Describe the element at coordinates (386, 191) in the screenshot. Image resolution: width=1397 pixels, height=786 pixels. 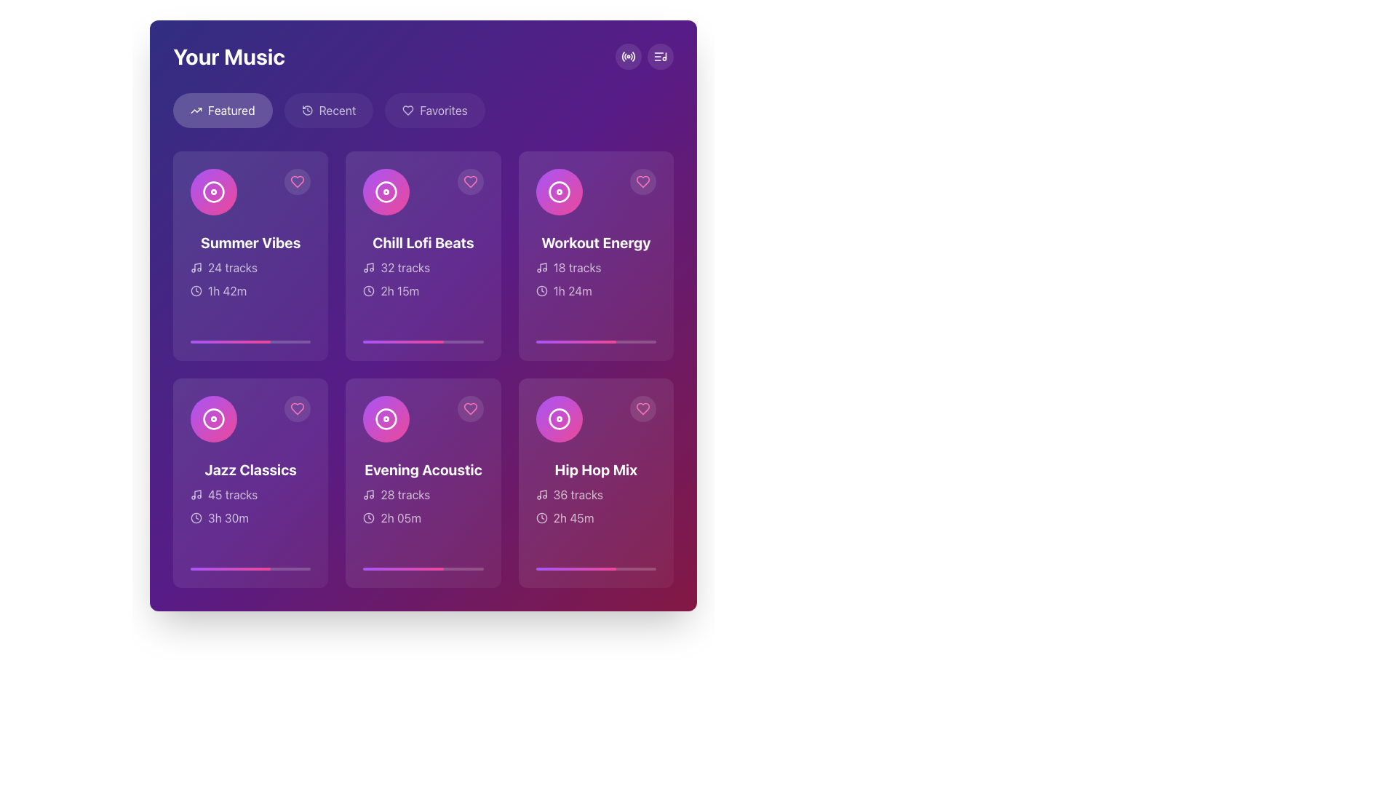
I see `the Chill Lofi Beats icon, which is a circular disc styled in a gradient from purple to pink` at that location.